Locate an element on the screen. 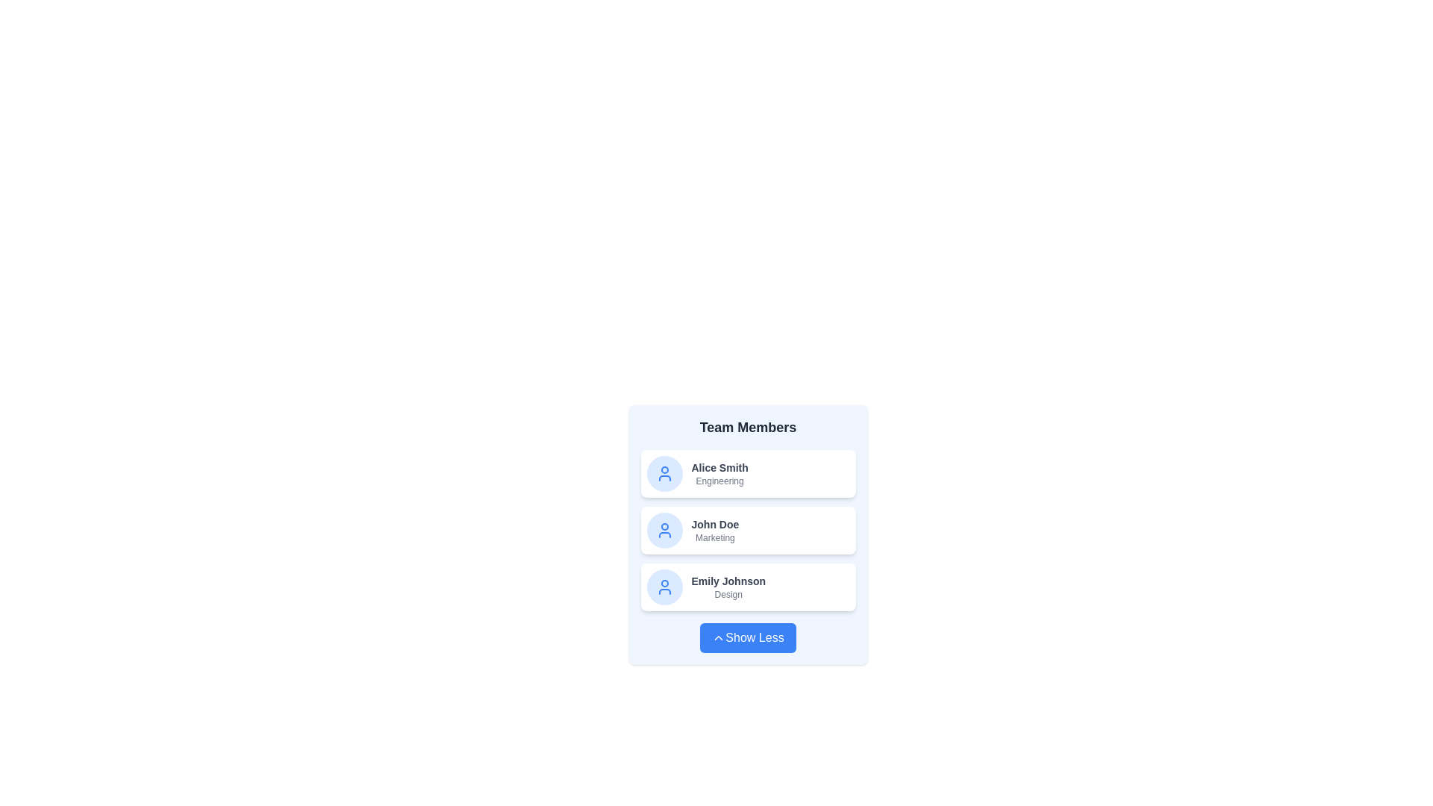  the second team member card displaying information about 'John Doe' in the team member list is located at coordinates (748, 529).